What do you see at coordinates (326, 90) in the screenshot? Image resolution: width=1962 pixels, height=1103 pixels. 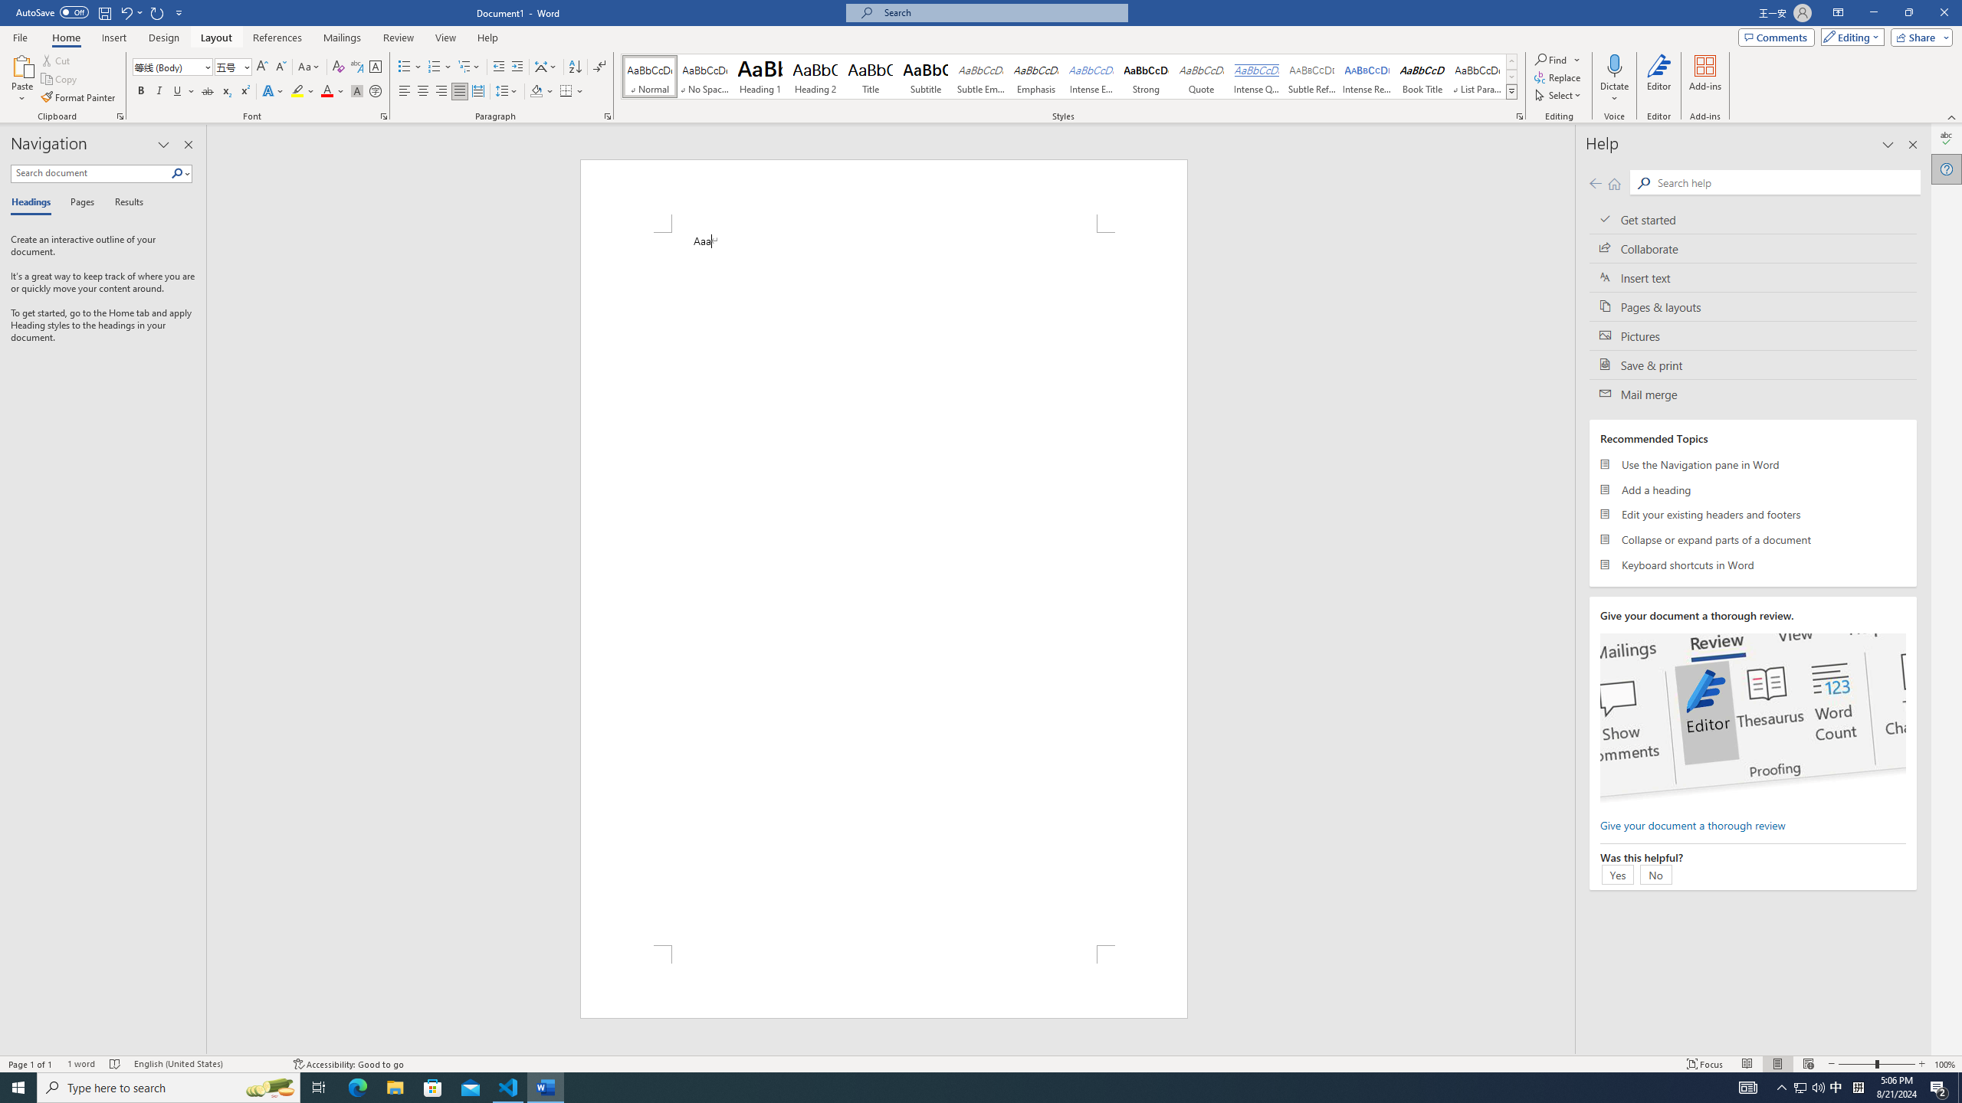 I see `'Font Color Red'` at bounding box center [326, 90].